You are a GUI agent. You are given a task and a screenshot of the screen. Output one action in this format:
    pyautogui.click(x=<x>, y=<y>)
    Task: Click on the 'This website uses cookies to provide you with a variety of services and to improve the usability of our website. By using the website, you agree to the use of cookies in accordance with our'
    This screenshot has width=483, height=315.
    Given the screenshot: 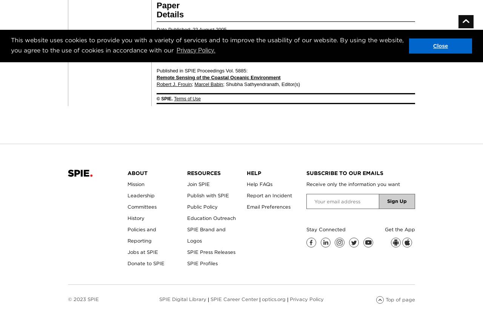 What is the action you would take?
    pyautogui.click(x=207, y=44)
    